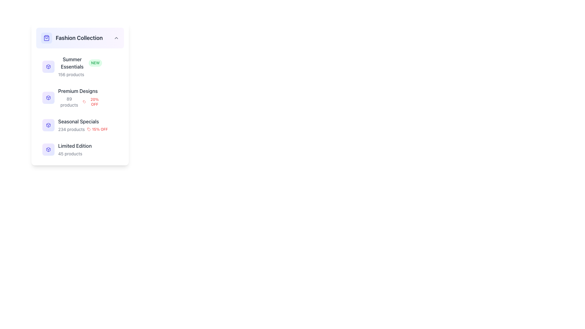  I want to click on the text display element that shows 'Summer Essentials NEW 156 products', which features a bold dark gray title, a green 'NEW' badge, and a purple-blue gradient icon to its left, so click(72, 67).